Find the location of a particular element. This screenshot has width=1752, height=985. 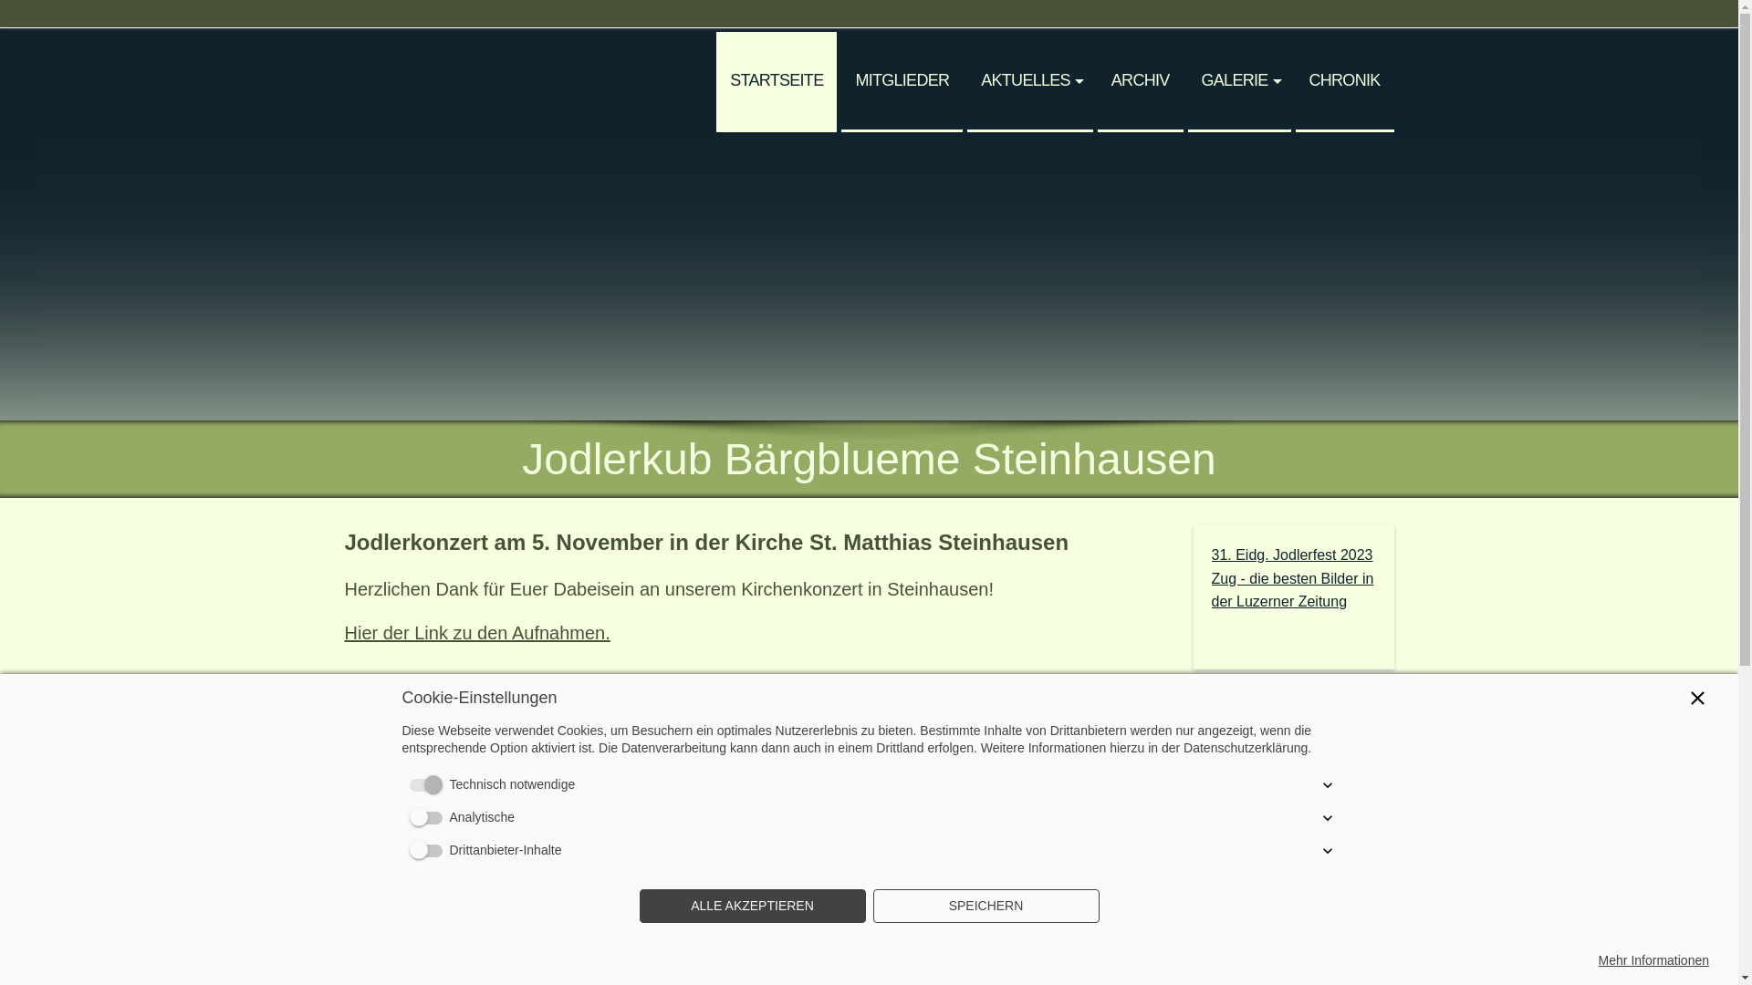

'Mehr Bilder ...' is located at coordinates (401, 866).